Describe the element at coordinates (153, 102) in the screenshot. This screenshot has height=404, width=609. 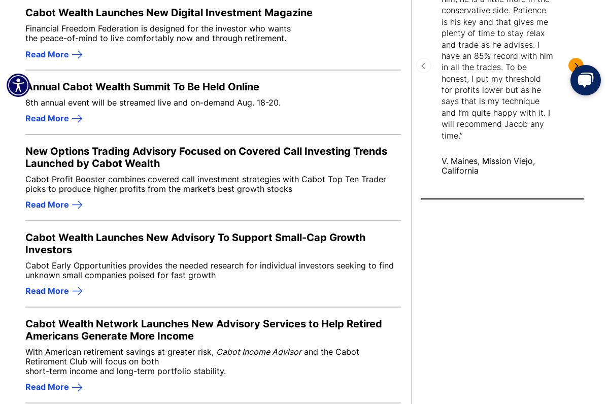
I see `'8th annual event will be streamed live and on-demand Aug. 18-20.'` at that location.